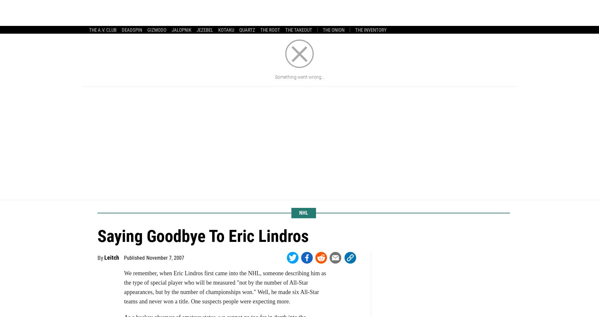  What do you see at coordinates (185, 25) in the screenshot?
I see `'Locker'` at bounding box center [185, 25].